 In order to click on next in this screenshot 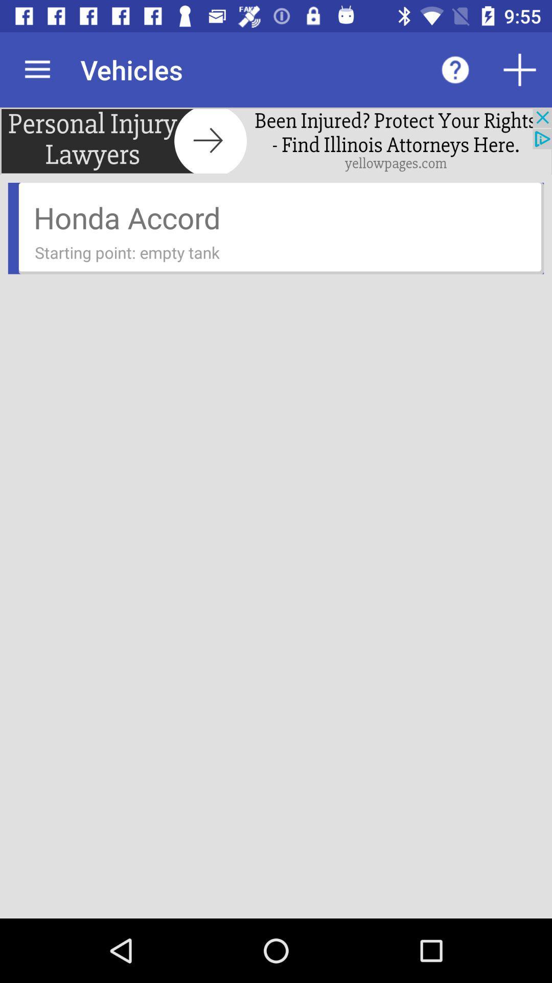, I will do `click(276, 140)`.